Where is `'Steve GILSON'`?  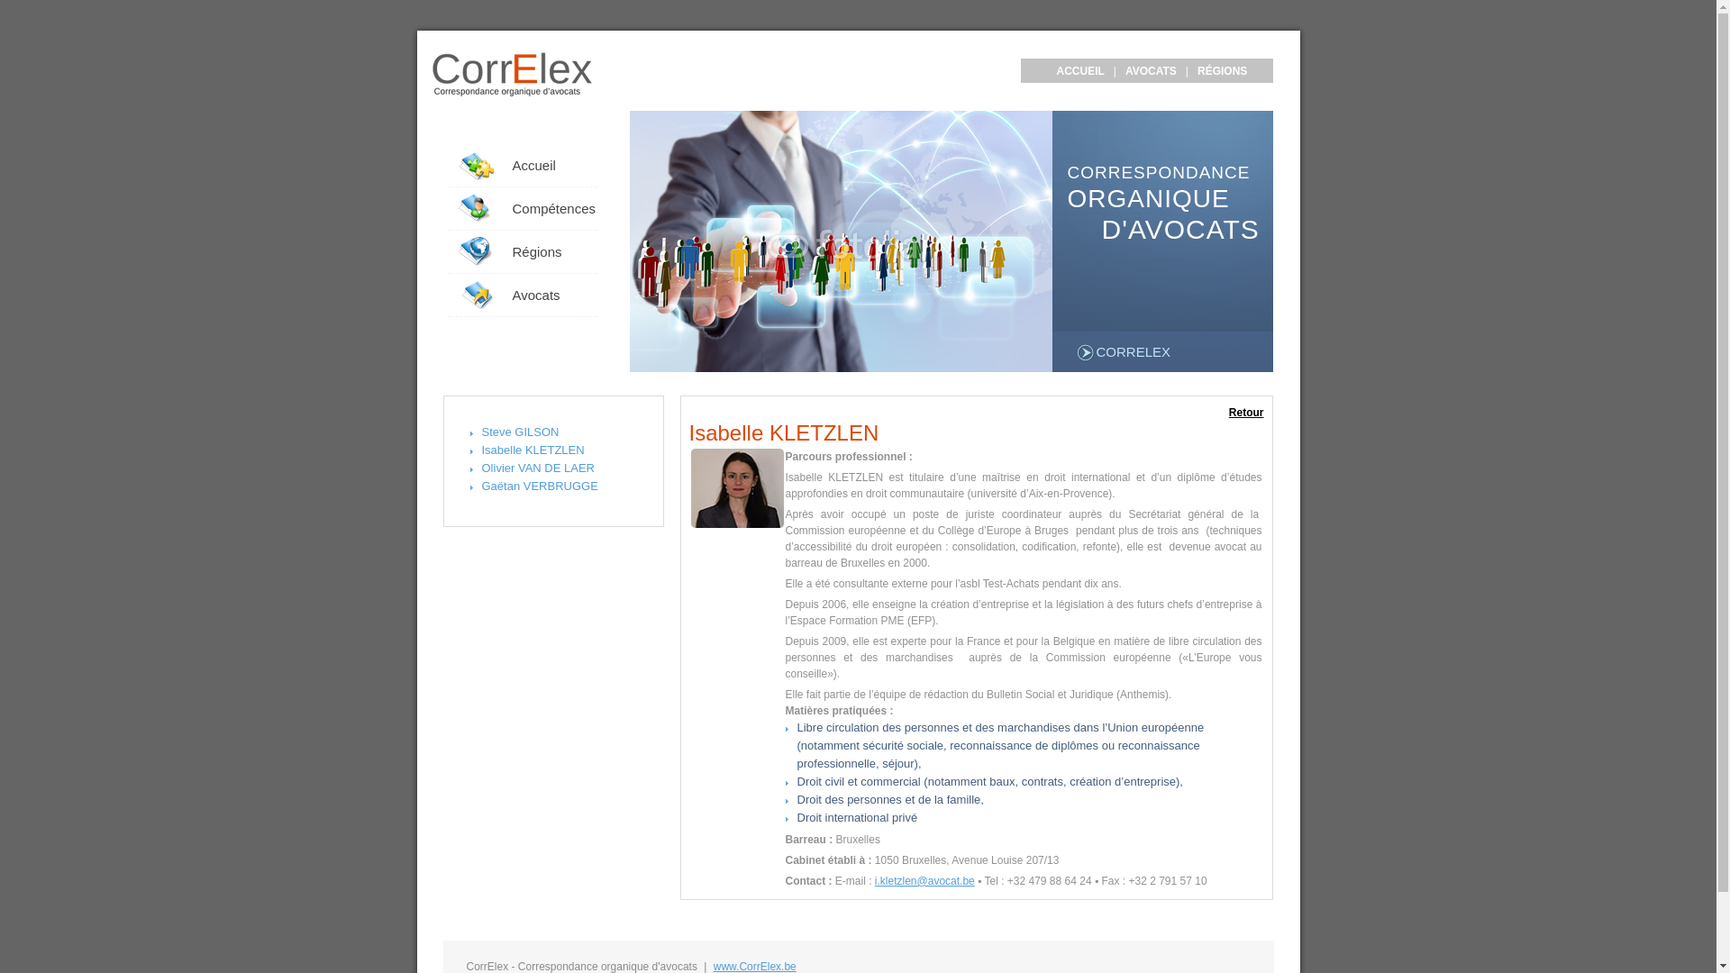 'Steve GILSON' is located at coordinates (518, 432).